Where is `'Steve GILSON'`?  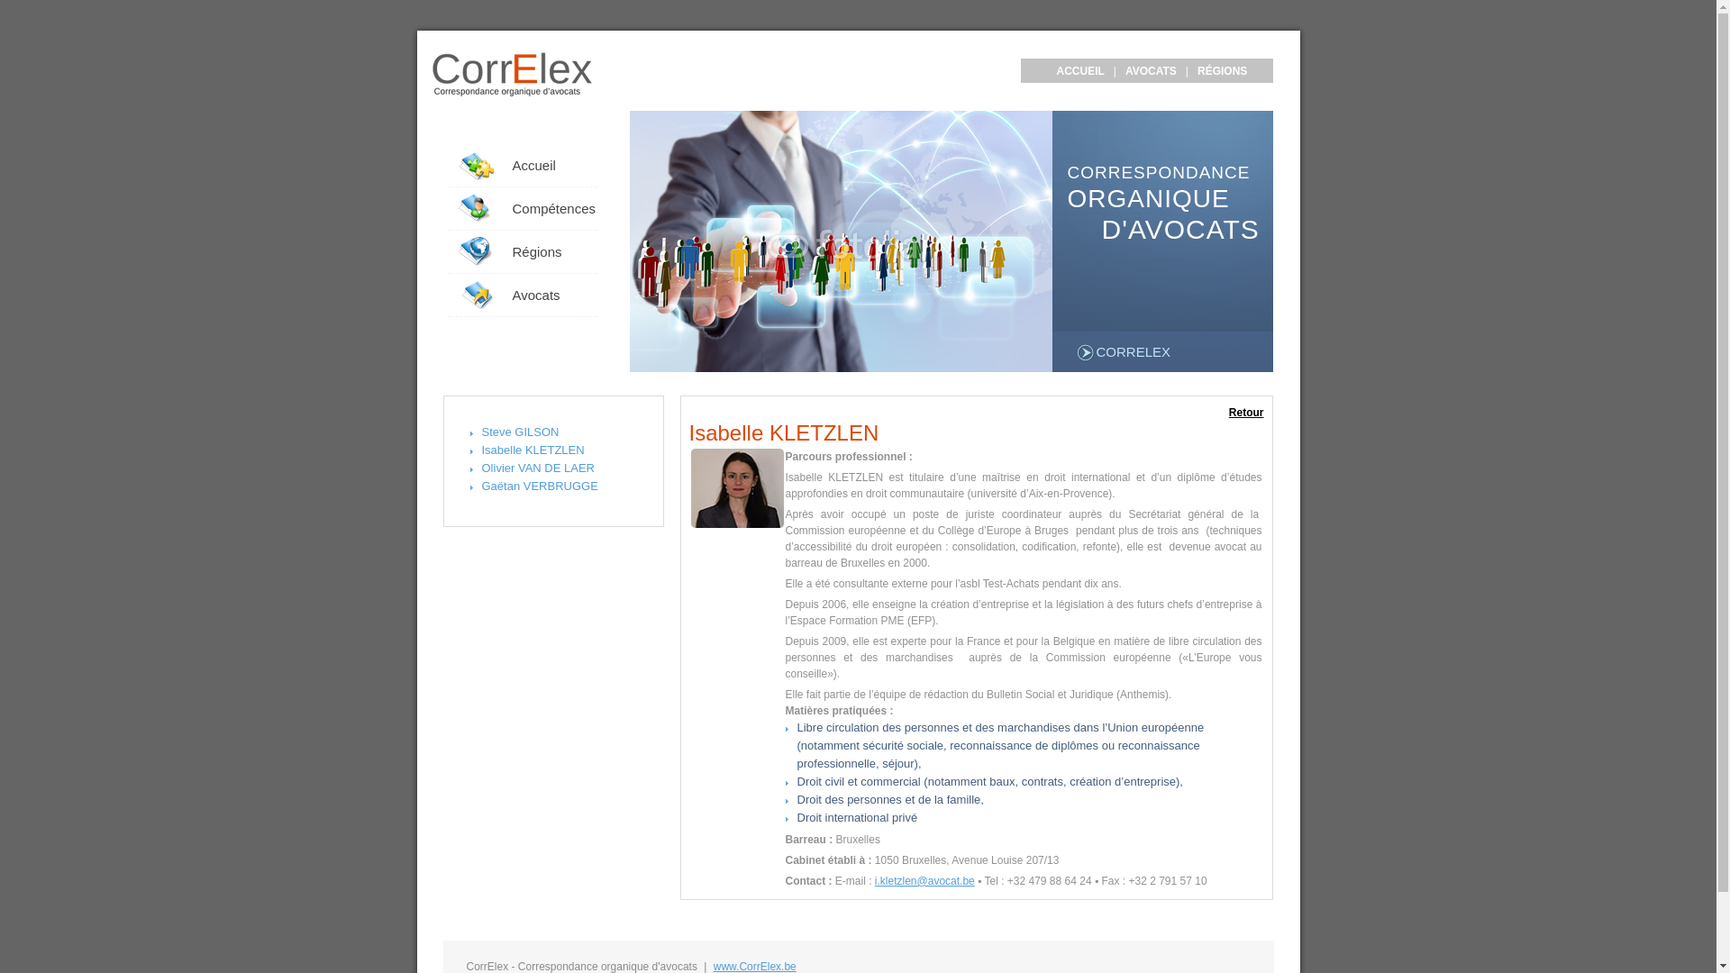 'Steve GILSON' is located at coordinates (518, 432).